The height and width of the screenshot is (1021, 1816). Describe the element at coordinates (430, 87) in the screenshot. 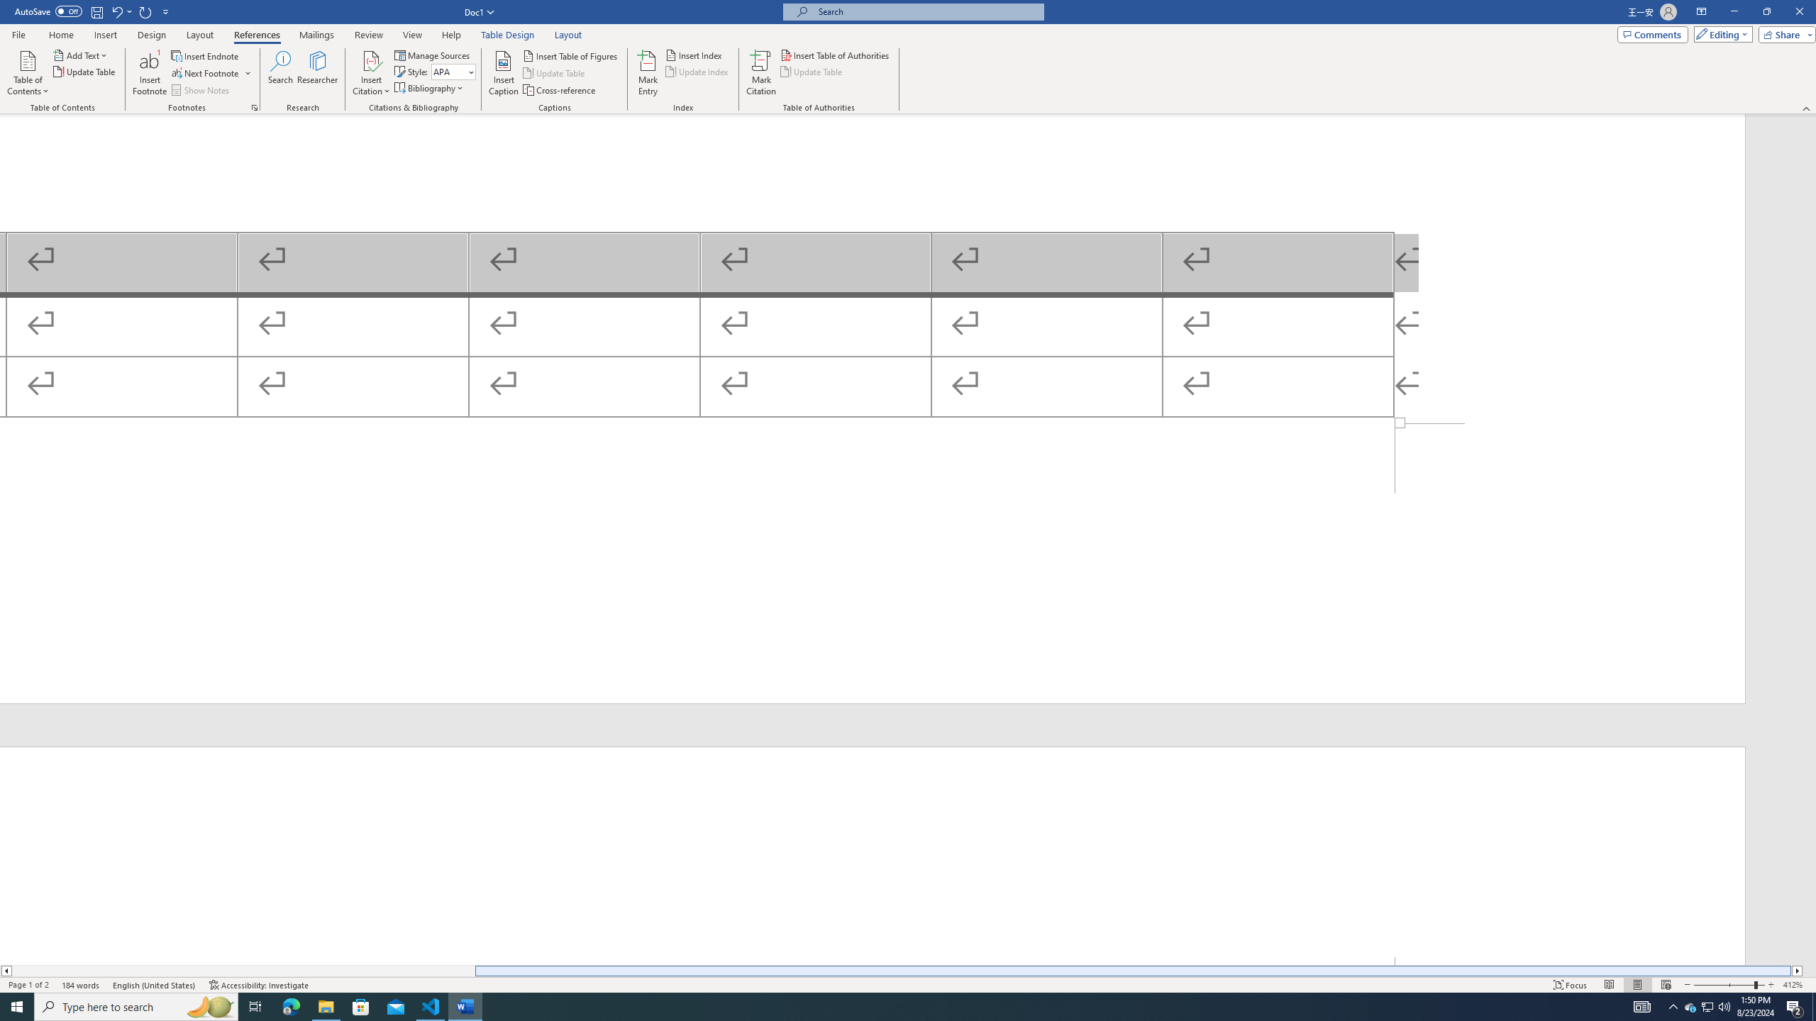

I see `'Bibliography'` at that location.